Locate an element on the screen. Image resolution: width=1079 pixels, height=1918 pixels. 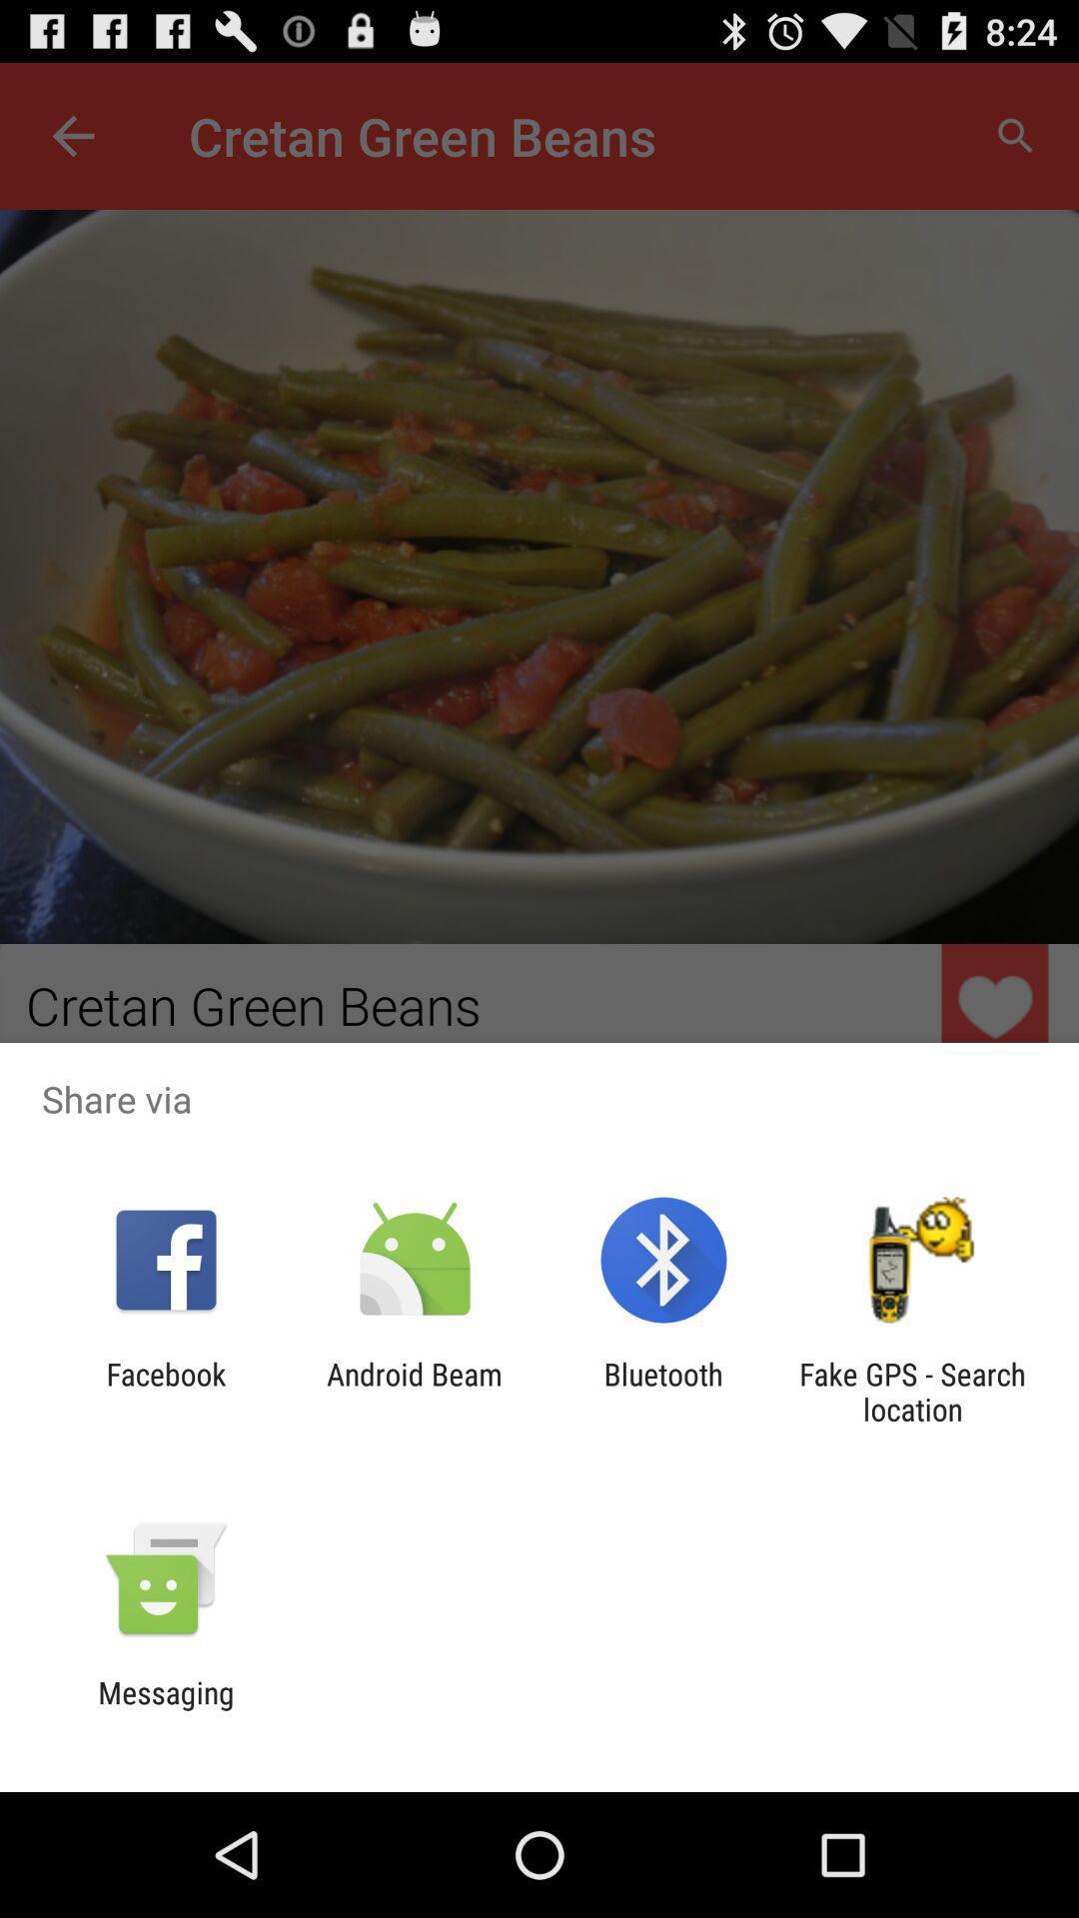
item next to bluetooth is located at coordinates (414, 1391).